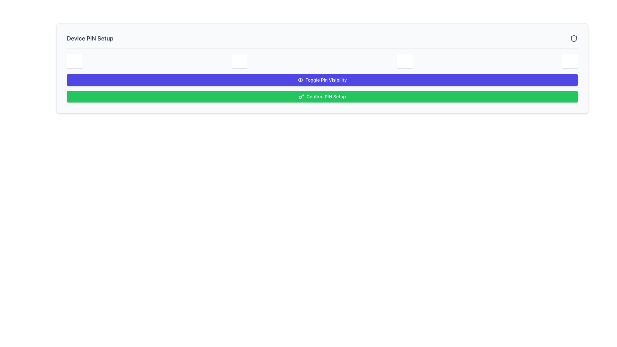 The image size is (617, 347). Describe the element at coordinates (74, 61) in the screenshot. I see `the first password input field, which is a small square input with a white background and a thin gray border, to focus the input` at that location.